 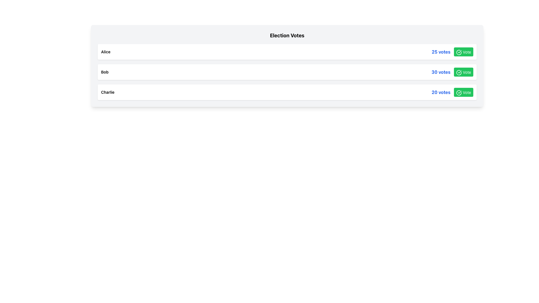 What do you see at coordinates (463, 92) in the screenshot?
I see `the voting button located in the middle of the bottom row of three items to cast a vote` at bounding box center [463, 92].